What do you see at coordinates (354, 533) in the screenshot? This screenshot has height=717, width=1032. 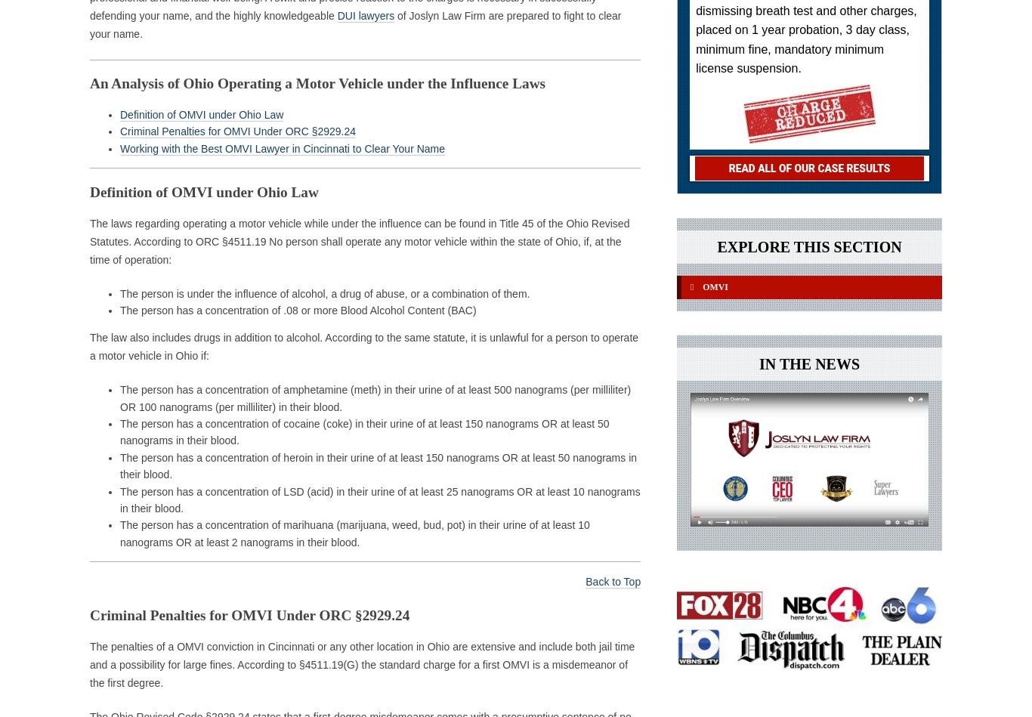 I see `'The person has a concentration of marihuana (marijuana, weed, bud, pot) in their urine of at least 10 nanograms OR at least 2 nanograms in their blood.'` at bounding box center [354, 533].